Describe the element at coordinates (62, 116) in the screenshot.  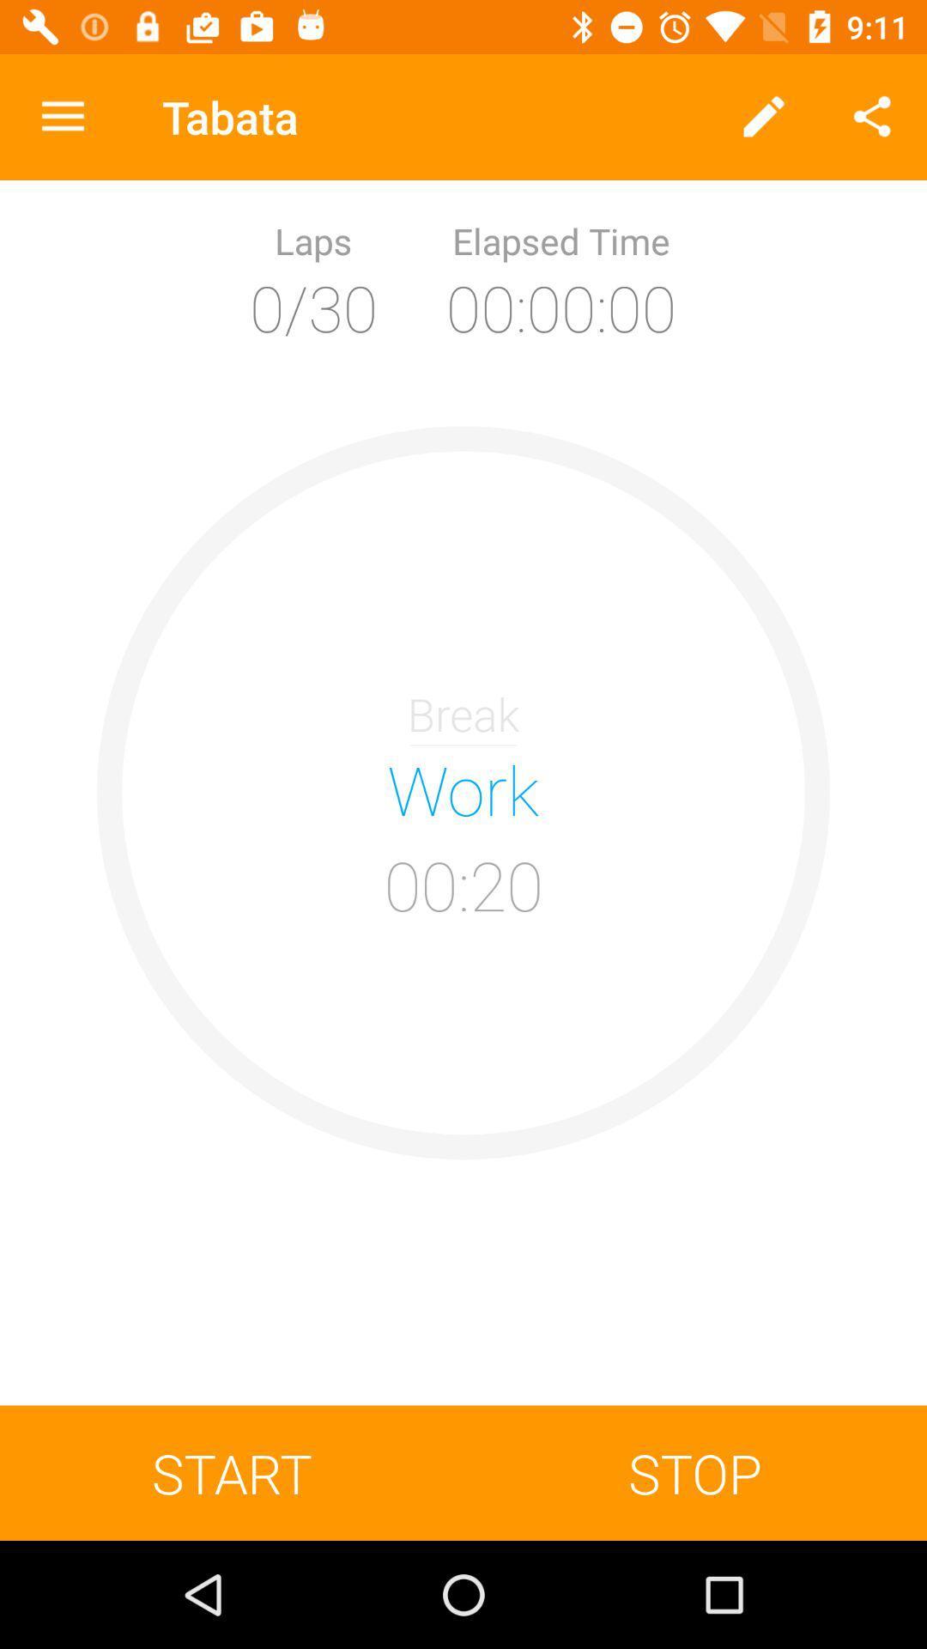
I see `the icon next to the tabata icon` at that location.